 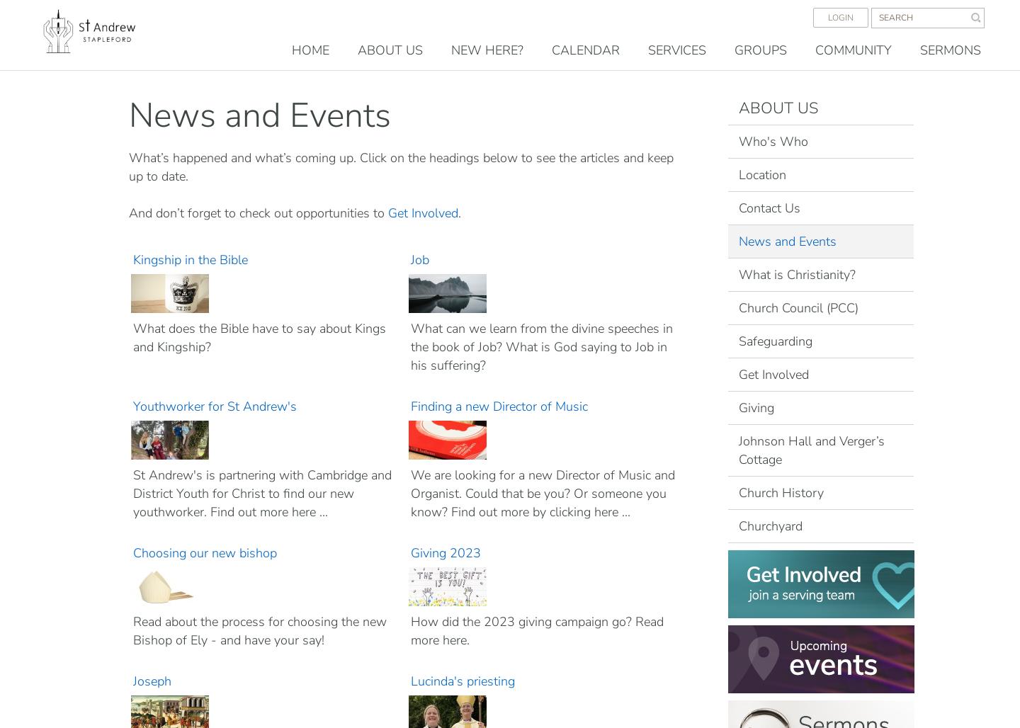 I want to click on 'Services', so click(x=677, y=50).